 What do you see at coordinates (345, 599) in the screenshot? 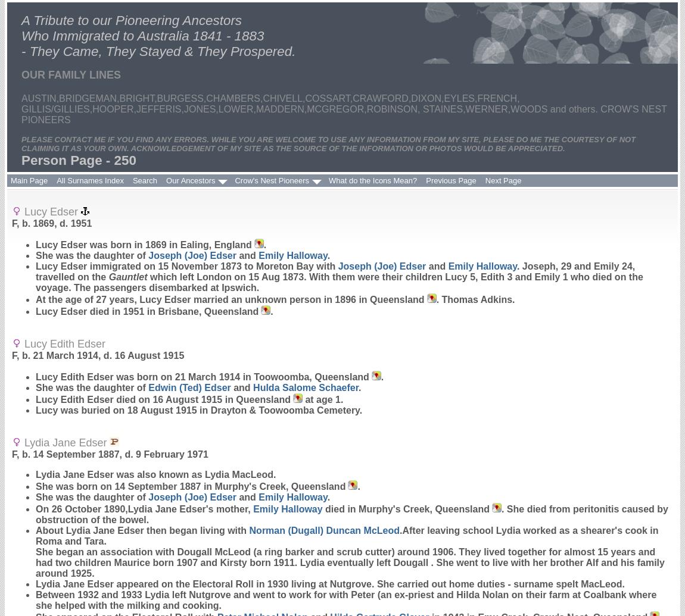
I see `'Between 1932 and 1933 Lydia left Nutgrove and went to work for with Peter (an ex-priest and Hilda Nolan on their farm at Coalbank where she helped with the milking and cooking.'` at bounding box center [345, 599].